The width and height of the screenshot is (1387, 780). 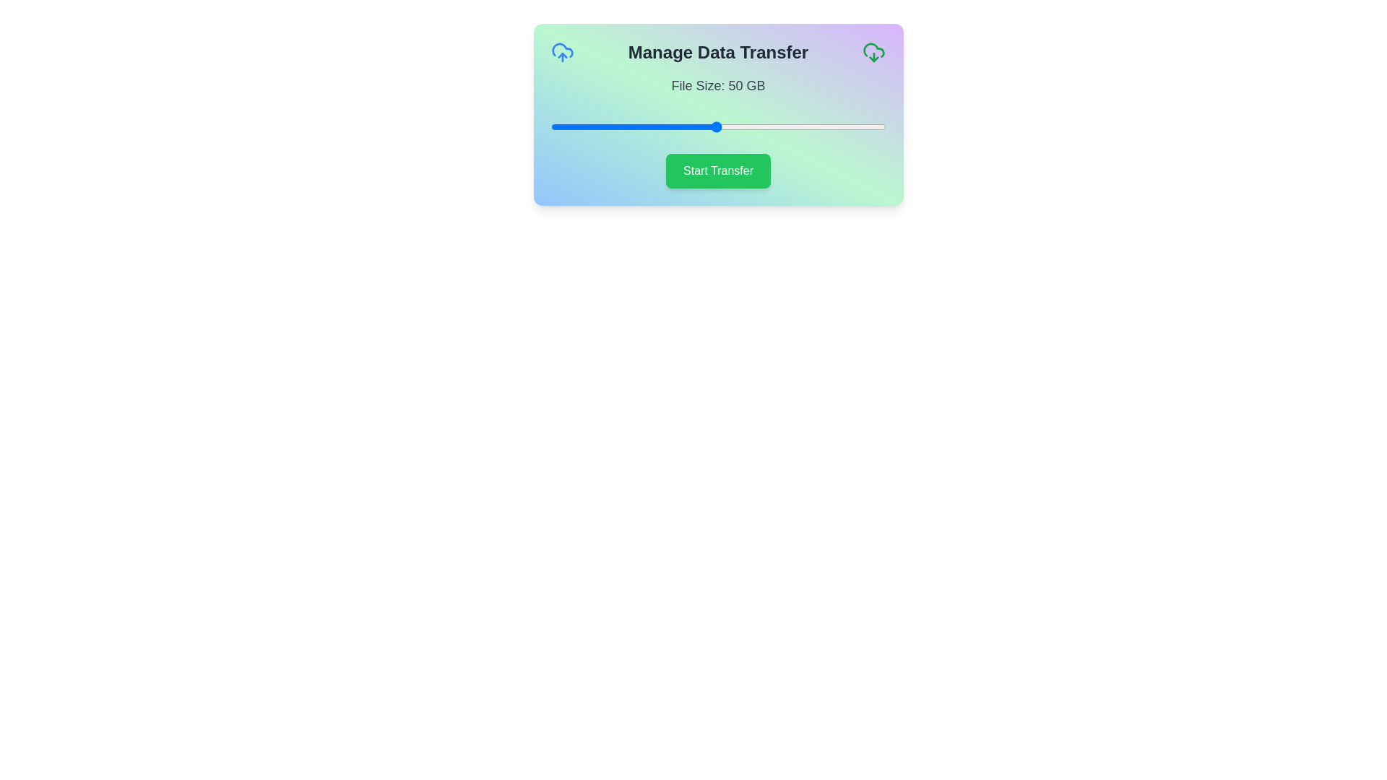 I want to click on the cloud upload icon to simulate an upload-related action, so click(x=561, y=52).